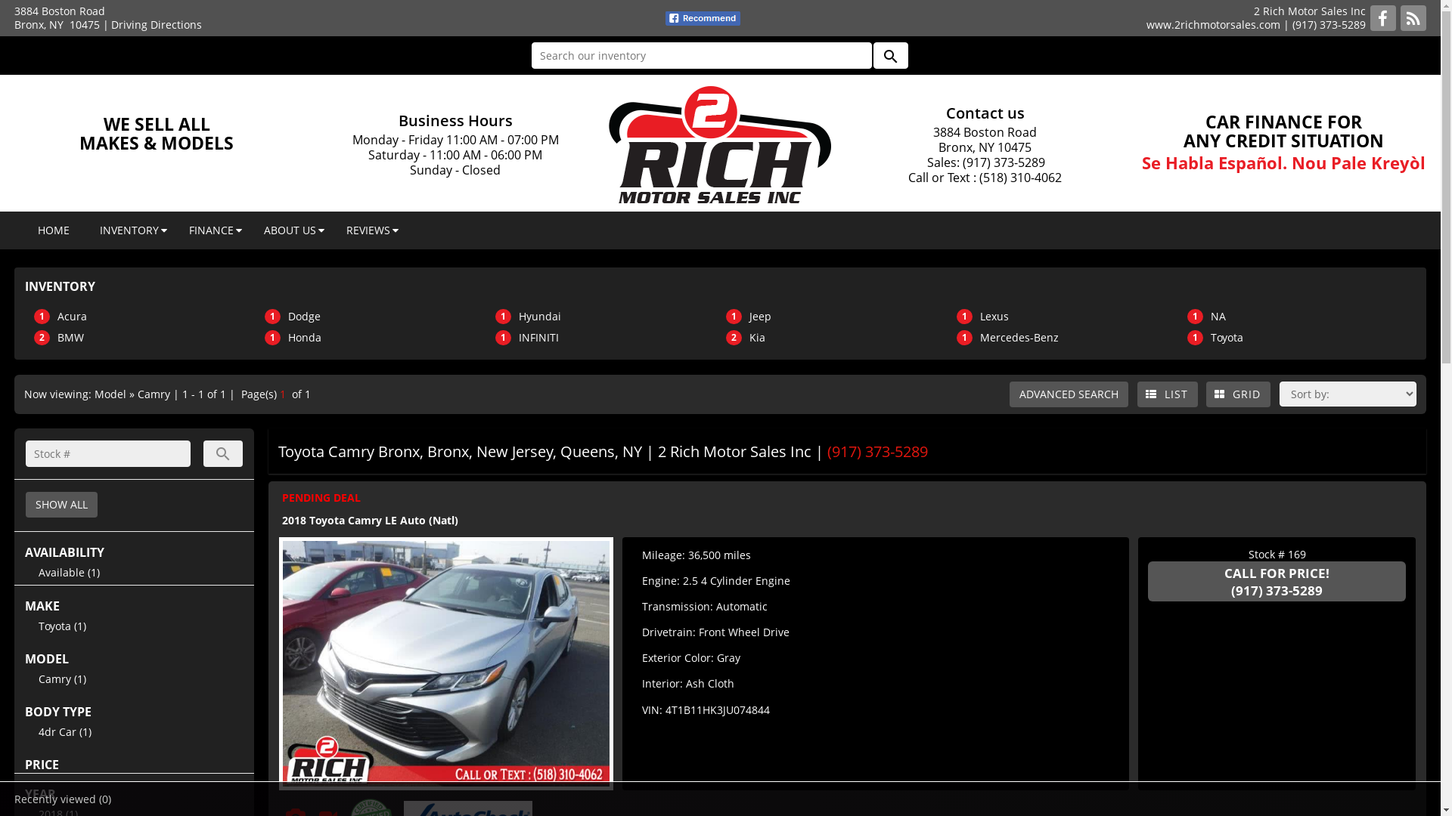 The width and height of the screenshot is (1452, 816). I want to click on 'INVENTORY', so click(129, 230).